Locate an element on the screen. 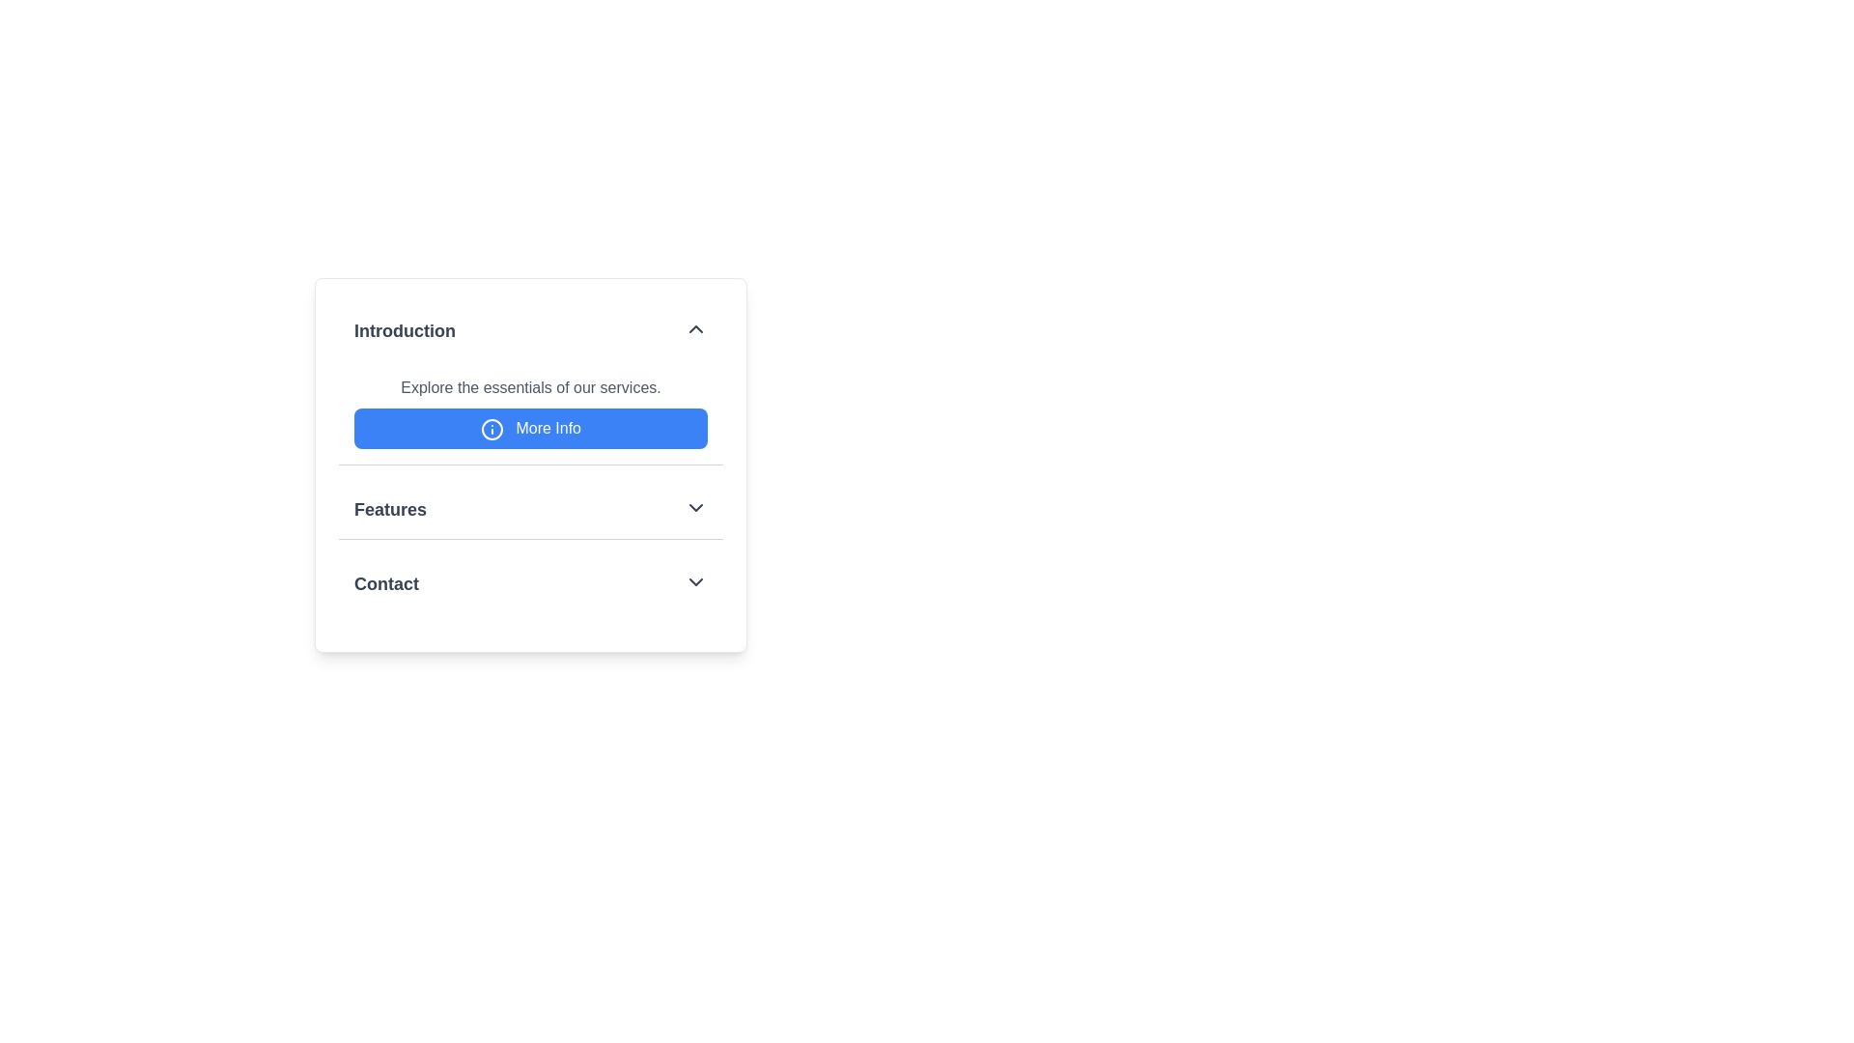 The height and width of the screenshot is (1043, 1854). the Chevron Down icon located on the right side of the 'Features' section is located at coordinates (695, 506).